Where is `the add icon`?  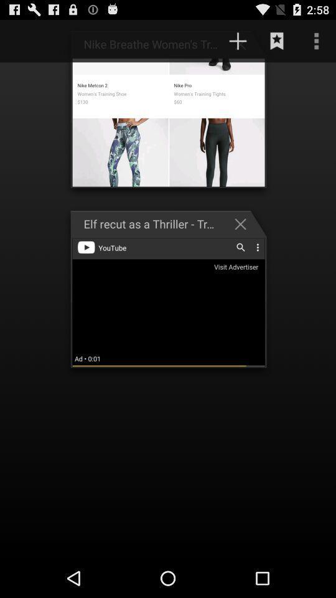
the add icon is located at coordinates (243, 47).